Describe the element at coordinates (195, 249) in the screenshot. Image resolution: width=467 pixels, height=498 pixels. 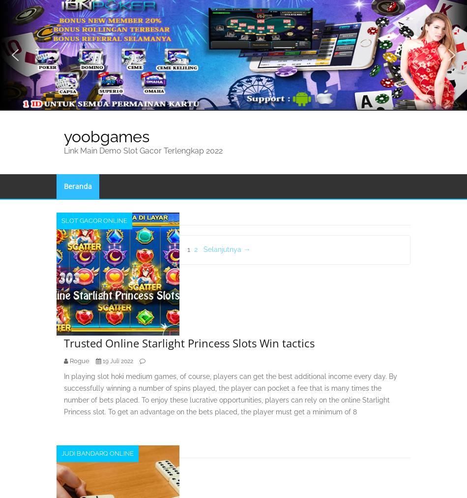
I see `'2'` at that location.